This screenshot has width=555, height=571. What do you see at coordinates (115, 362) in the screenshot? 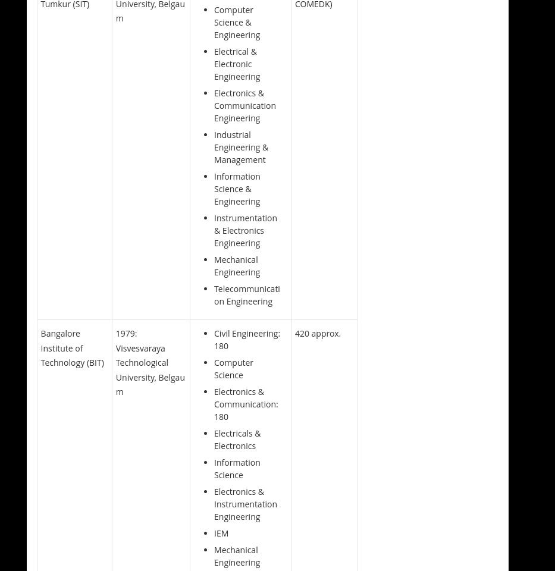
I see `'1979: Visvesvaraya Technological University, Belgaum'` at bounding box center [115, 362].